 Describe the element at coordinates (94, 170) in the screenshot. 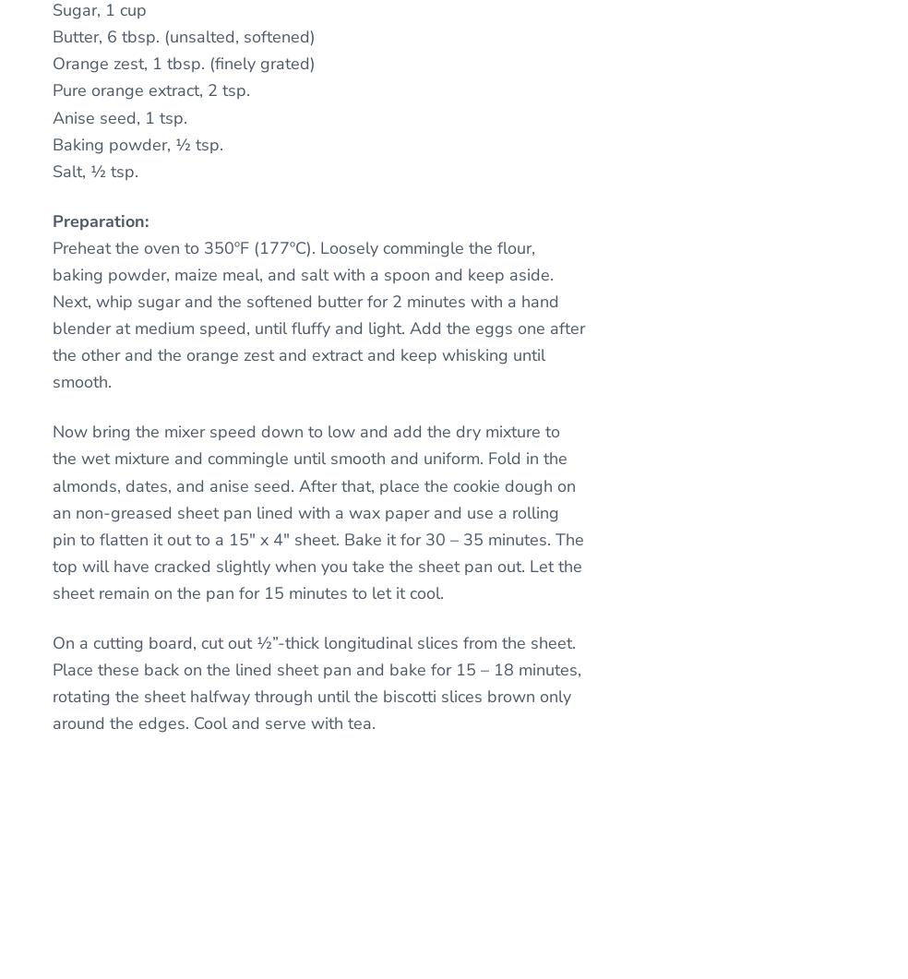

I see `'Salt, ½ tsp.'` at that location.